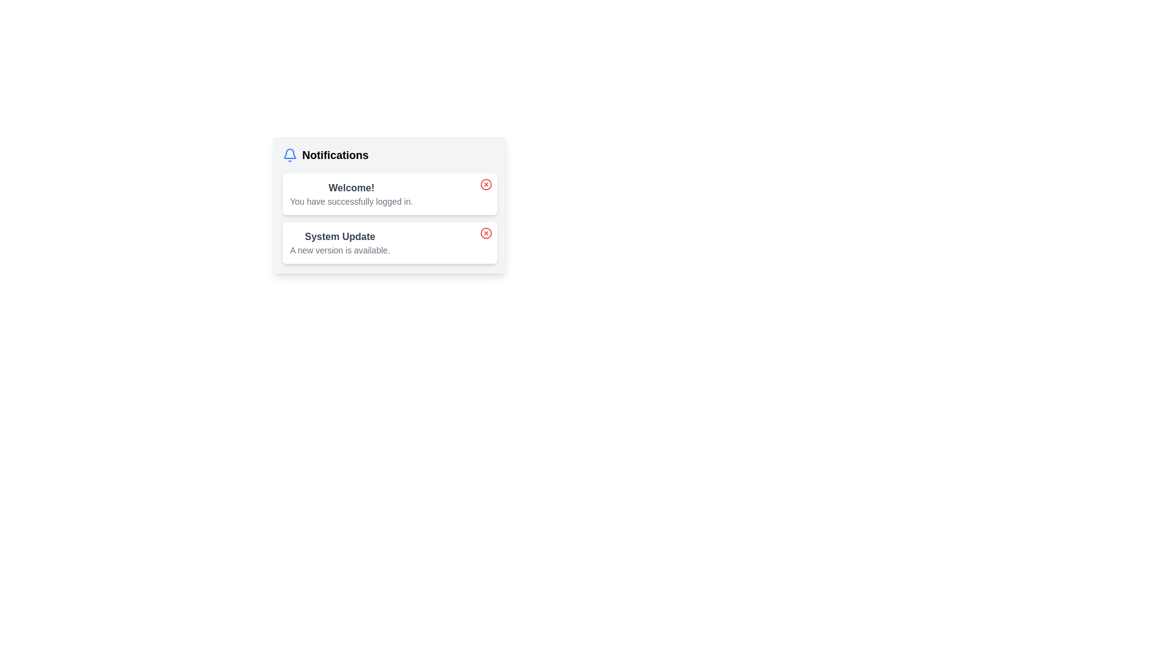  What do you see at coordinates (485, 233) in the screenshot?
I see `the 'X' icon used for closing or dismissing items in the notification list next to 'System Update'` at bounding box center [485, 233].